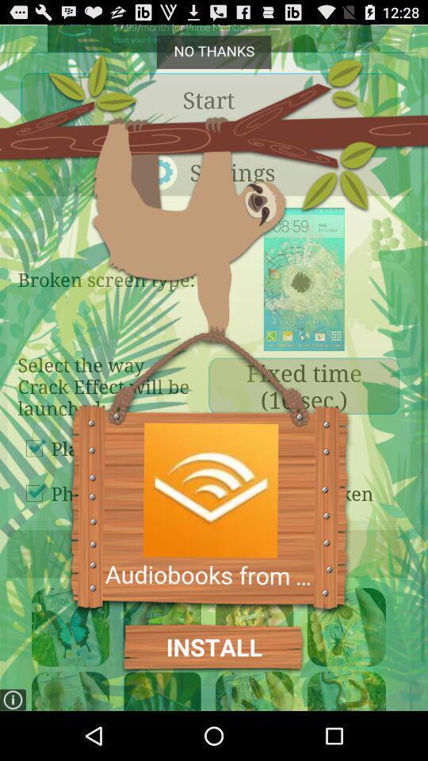 The image size is (428, 761). I want to click on the volume icon, so click(254, 740).